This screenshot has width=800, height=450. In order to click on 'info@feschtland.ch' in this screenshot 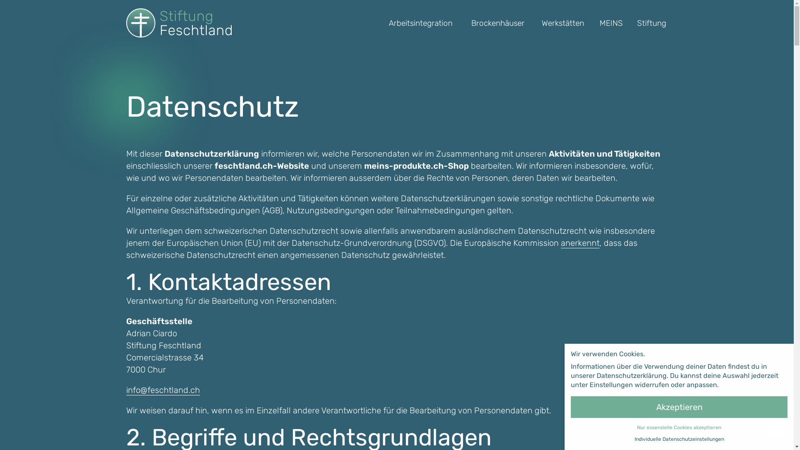, I will do `click(162, 390)`.